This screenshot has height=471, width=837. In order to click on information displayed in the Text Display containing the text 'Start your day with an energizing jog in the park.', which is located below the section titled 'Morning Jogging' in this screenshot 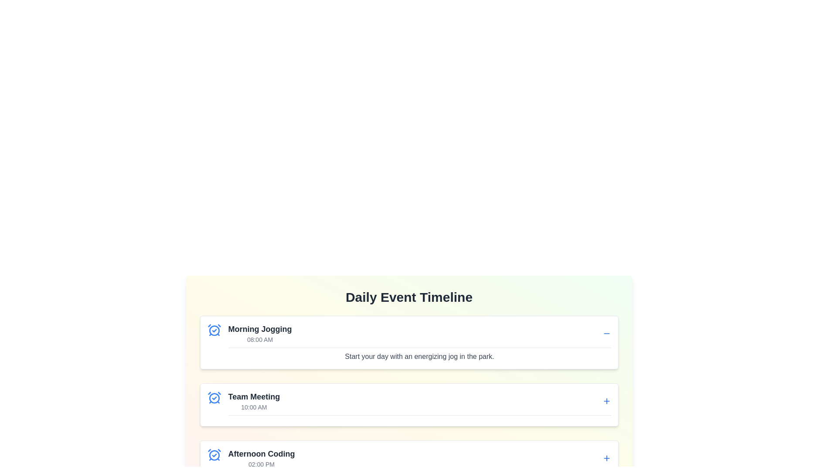, I will do `click(419, 356)`.